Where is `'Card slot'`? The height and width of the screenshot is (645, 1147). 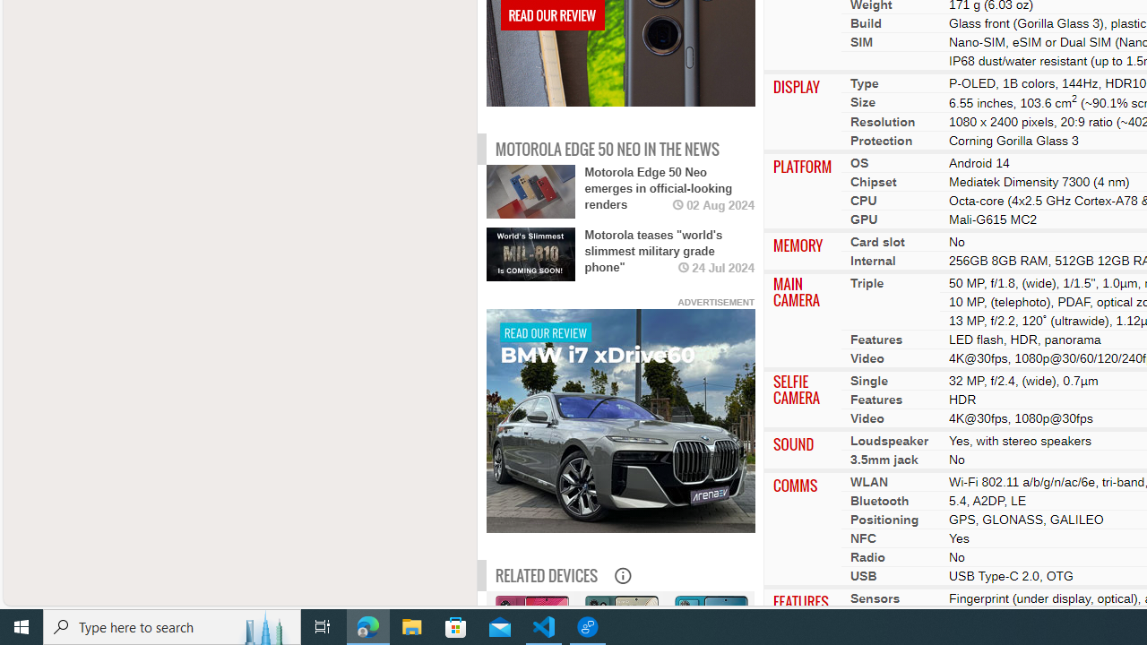 'Card slot' is located at coordinates (877, 240).